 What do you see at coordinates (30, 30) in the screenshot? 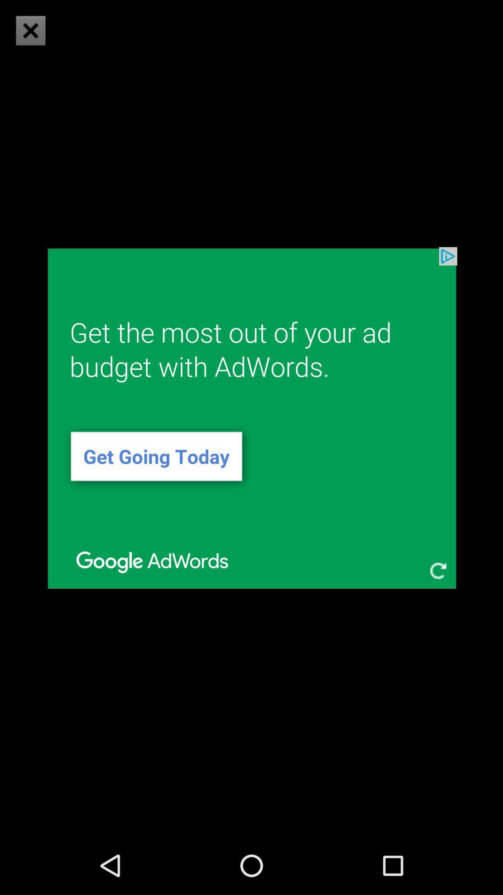
I see `the close icon` at bounding box center [30, 30].